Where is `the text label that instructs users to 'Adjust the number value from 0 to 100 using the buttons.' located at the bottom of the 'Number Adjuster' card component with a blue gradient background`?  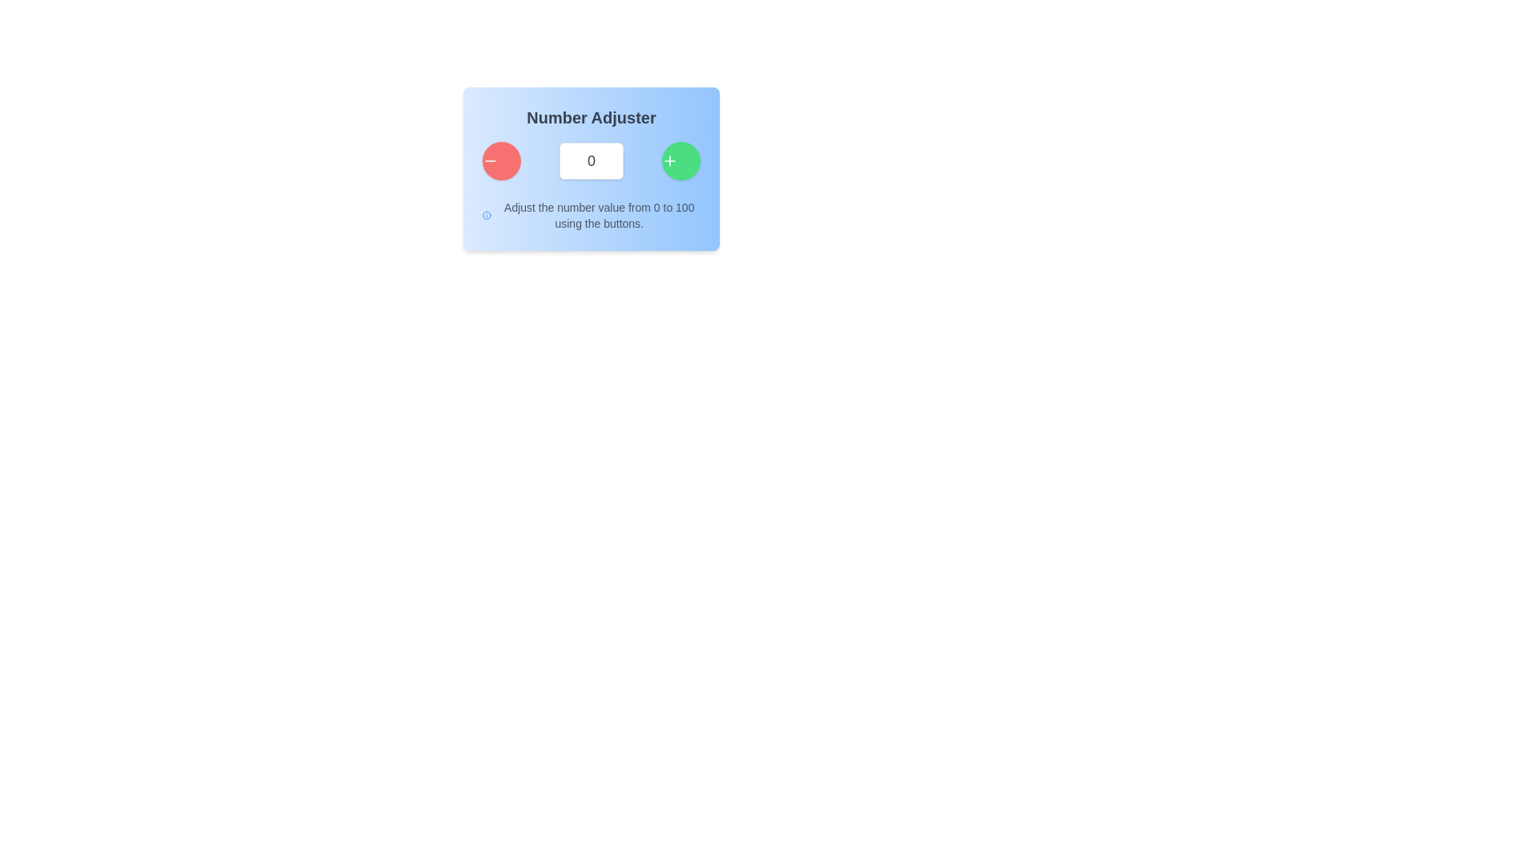
the text label that instructs users to 'Adjust the number value from 0 to 100 using the buttons.' located at the bottom of the 'Number Adjuster' card component with a blue gradient background is located at coordinates (591, 215).